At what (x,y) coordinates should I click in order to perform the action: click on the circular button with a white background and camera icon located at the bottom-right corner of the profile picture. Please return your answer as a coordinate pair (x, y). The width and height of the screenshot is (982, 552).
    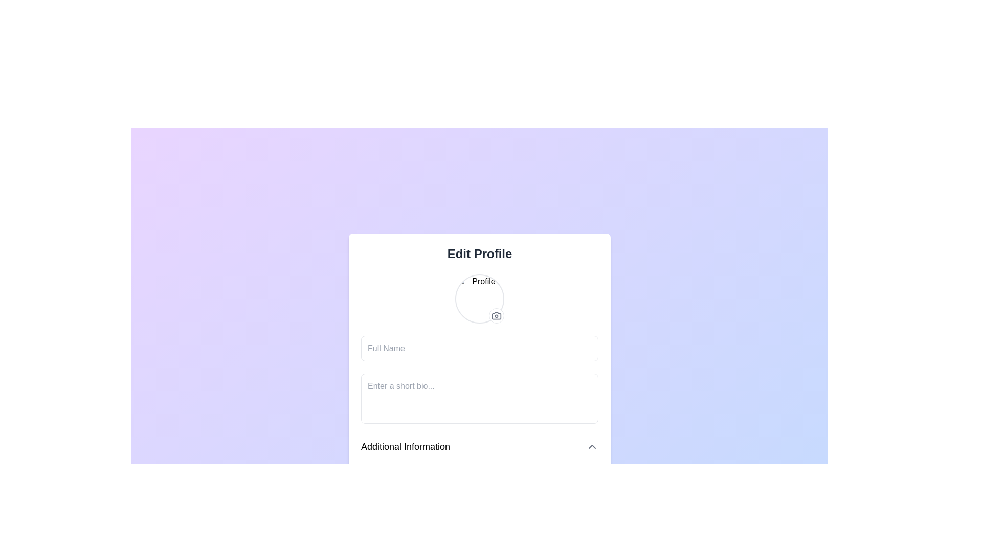
    Looking at the image, I should click on (496, 315).